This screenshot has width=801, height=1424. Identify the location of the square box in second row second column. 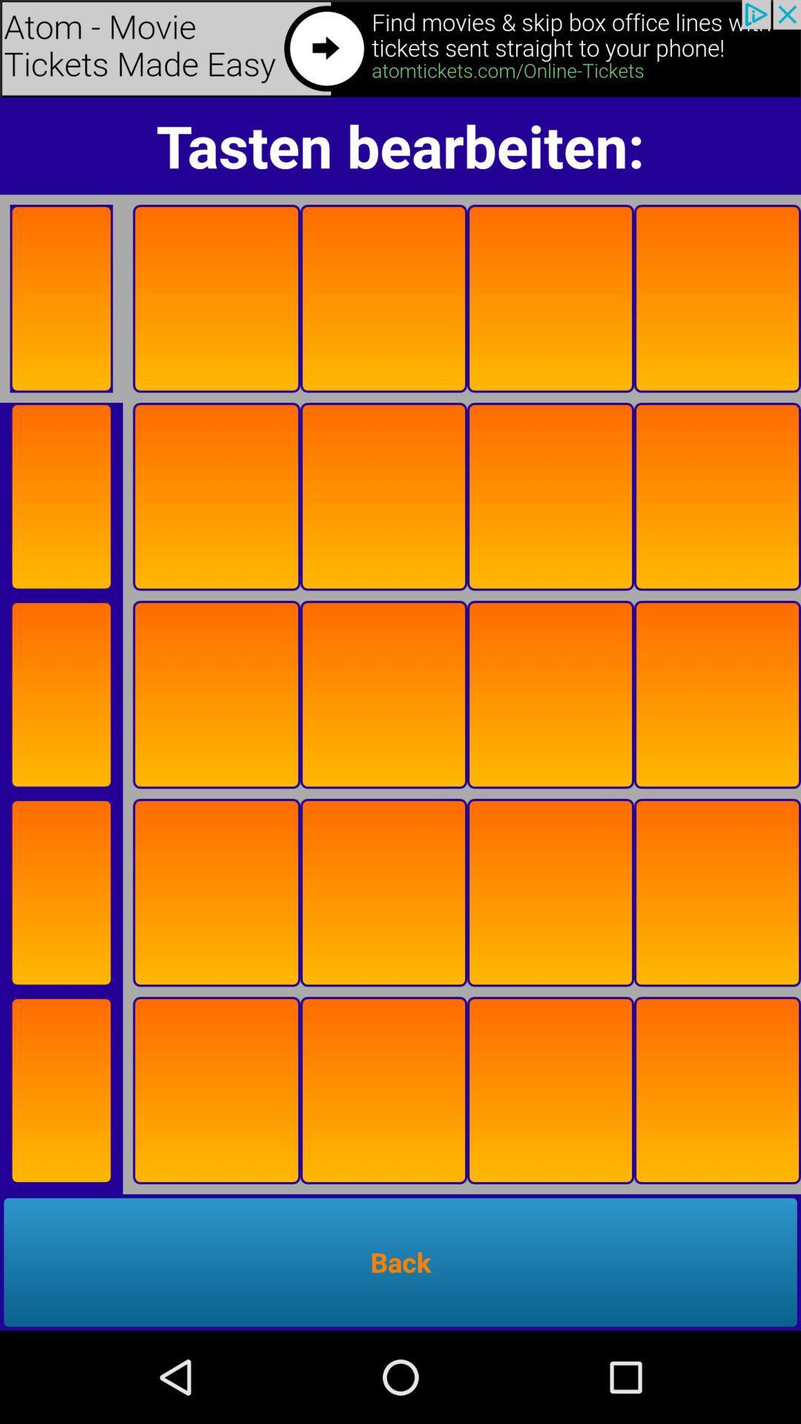
(383, 497).